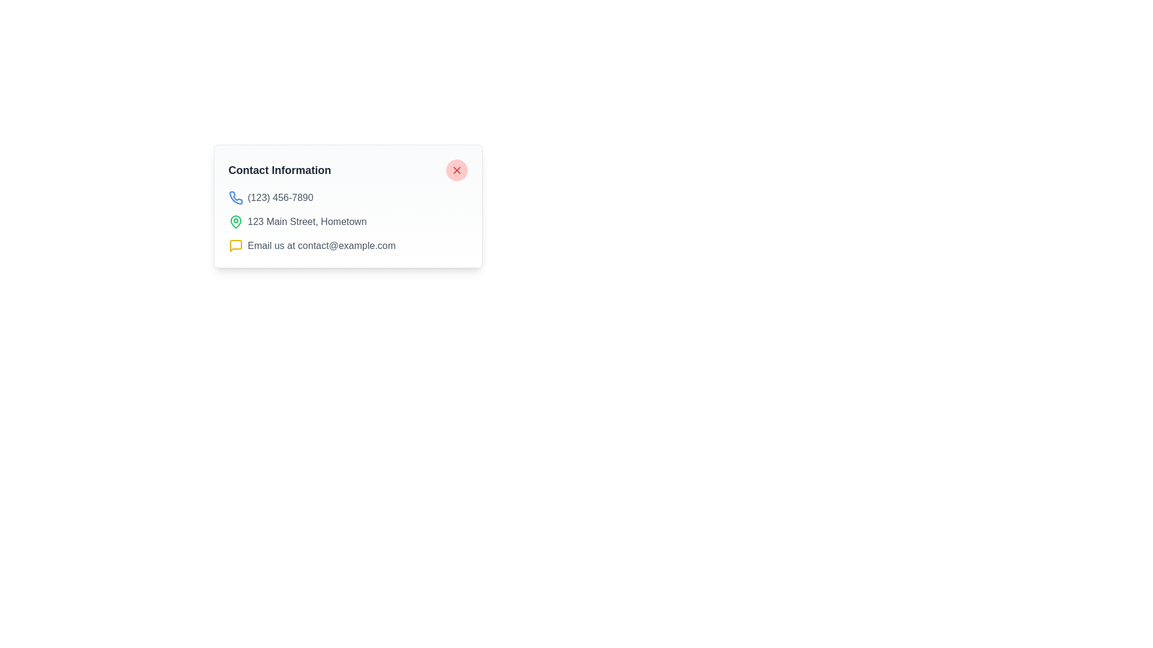 The image size is (1153, 648). Describe the element at coordinates (280, 197) in the screenshot. I see `the static text element displaying the phone number '(123) 456-7890'` at that location.